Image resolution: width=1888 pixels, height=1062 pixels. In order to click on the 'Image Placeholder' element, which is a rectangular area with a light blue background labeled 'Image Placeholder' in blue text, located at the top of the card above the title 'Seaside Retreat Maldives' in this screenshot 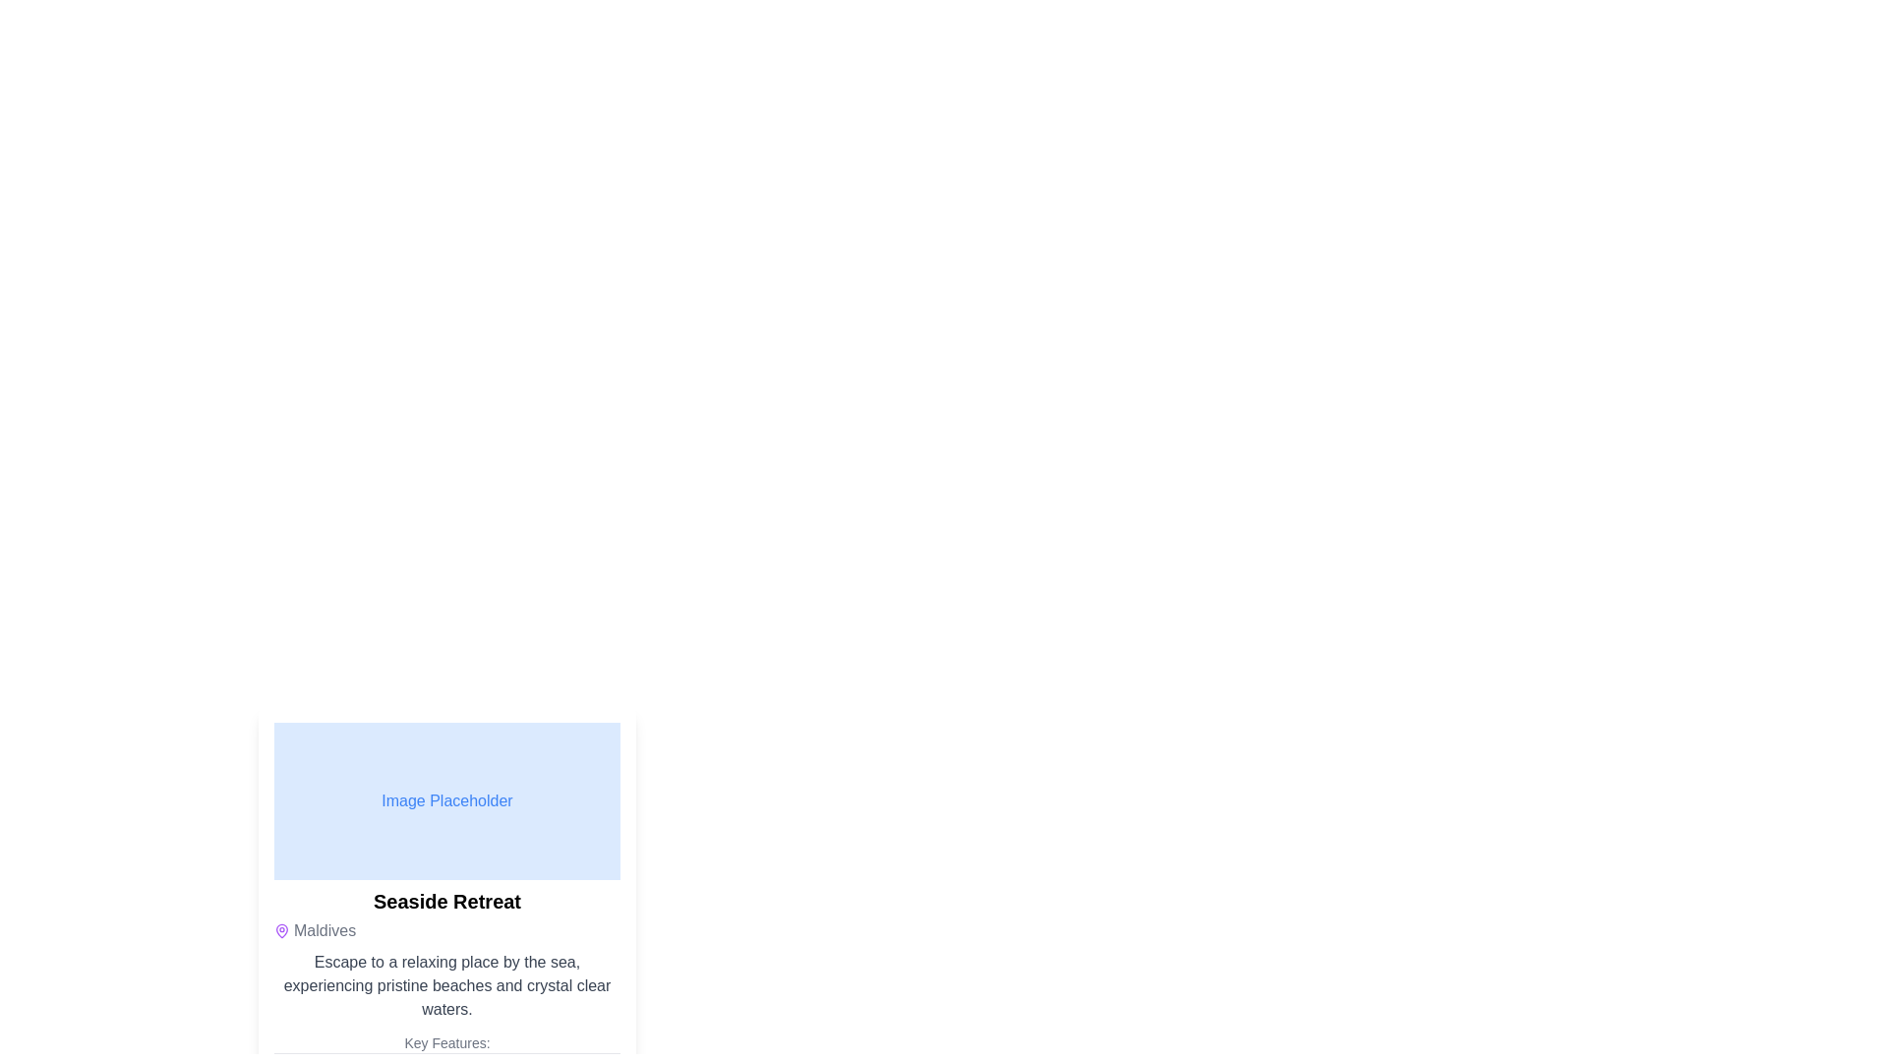, I will do `click(446, 800)`.